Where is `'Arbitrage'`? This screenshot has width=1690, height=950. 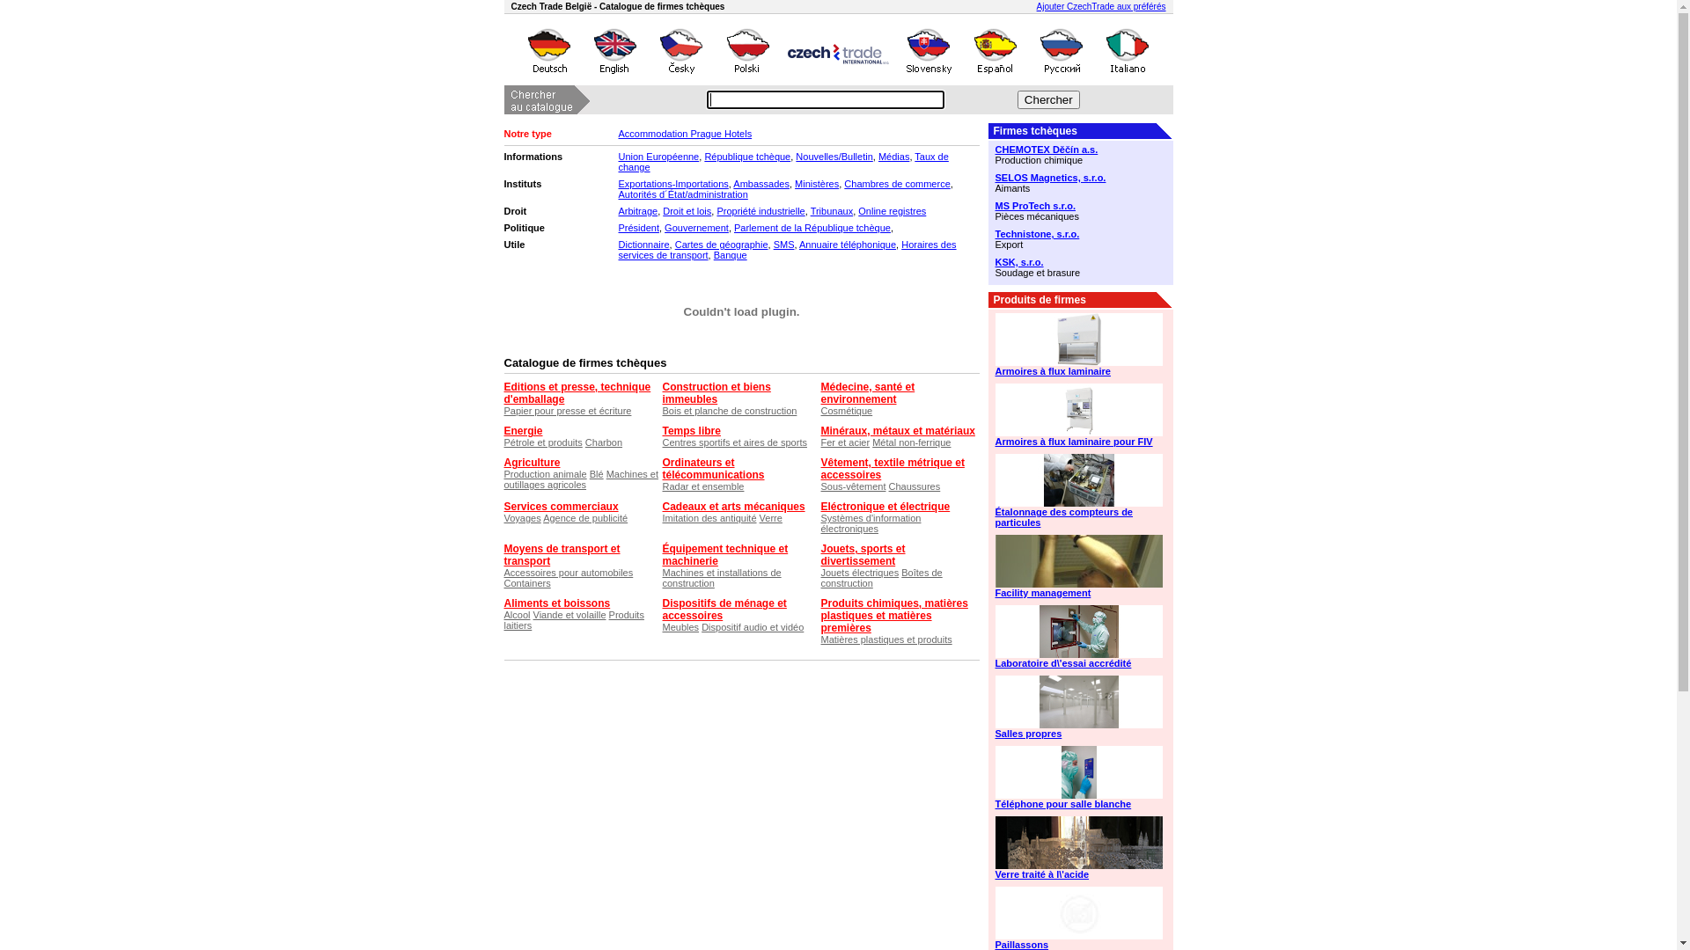 'Arbitrage' is located at coordinates (617, 209).